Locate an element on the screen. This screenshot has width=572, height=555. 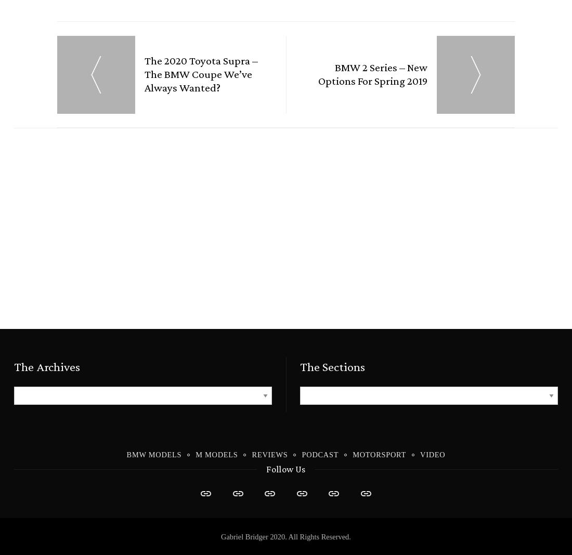
'Video' is located at coordinates (432, 456).